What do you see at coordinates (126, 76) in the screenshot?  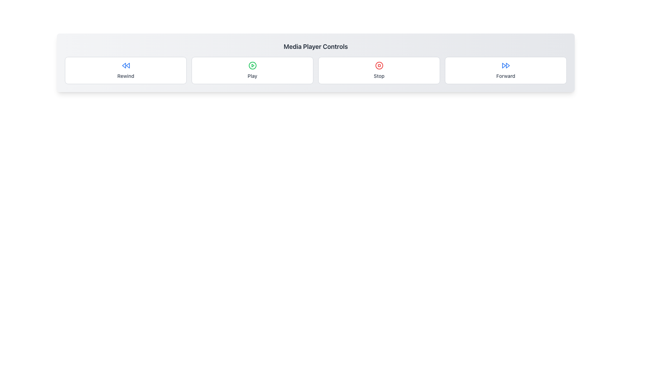 I see `the text label displaying 'Rewind' which is part of the media control interface, located beneath a blue rewind icon` at bounding box center [126, 76].